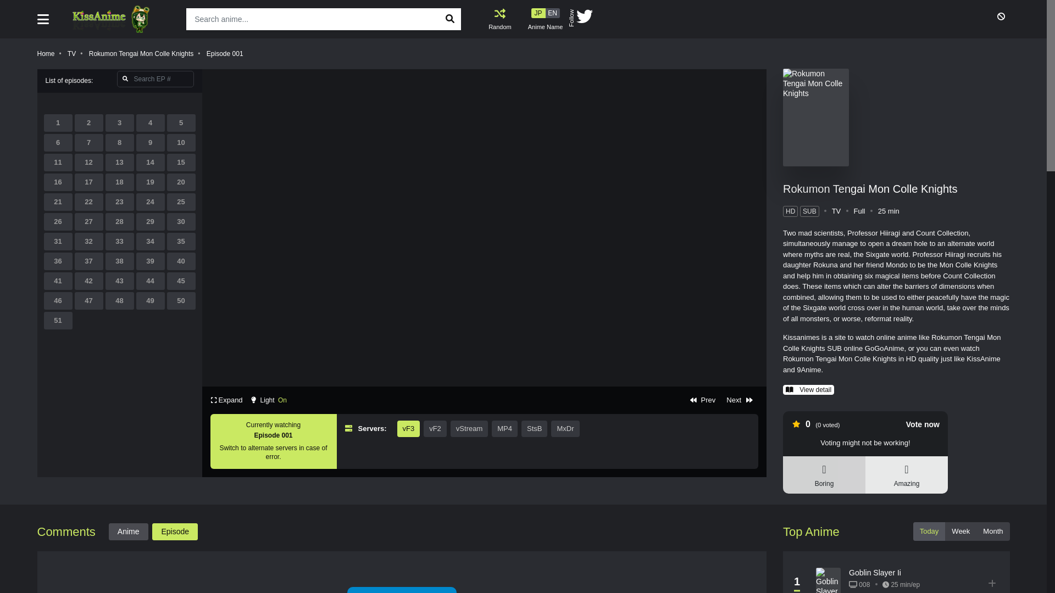 The height and width of the screenshot is (593, 1055). I want to click on 'vF3', so click(408, 428).